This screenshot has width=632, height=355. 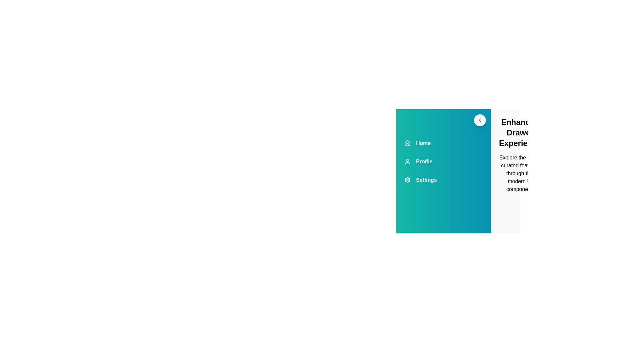 I want to click on the Profile navigation item in the drawer, so click(x=444, y=162).